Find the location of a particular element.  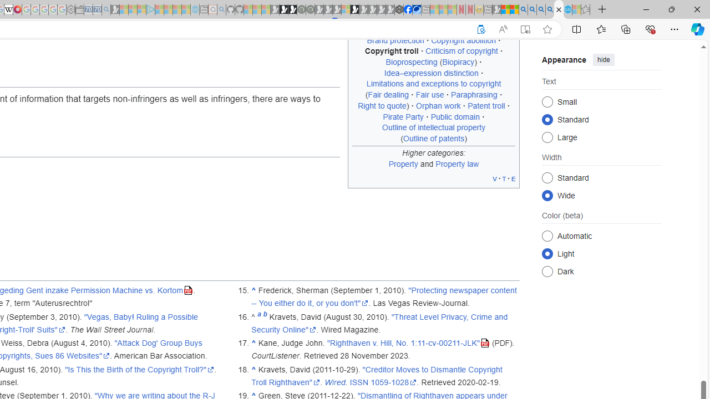

't' is located at coordinates (503, 178).